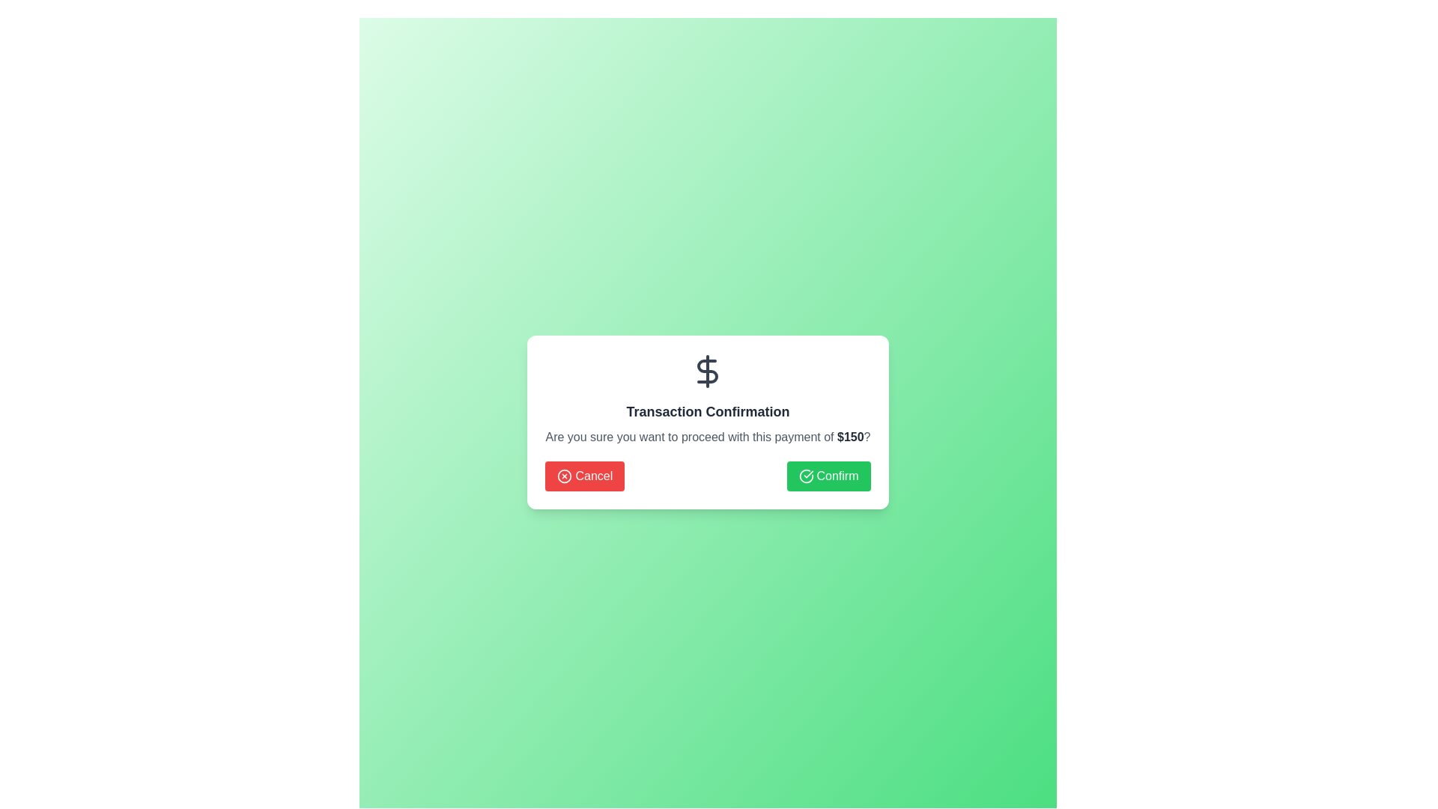  I want to click on the label in the modal dialog box that serves as a title or header, located below the dollar sign icon and above the payment action description, so click(707, 412).